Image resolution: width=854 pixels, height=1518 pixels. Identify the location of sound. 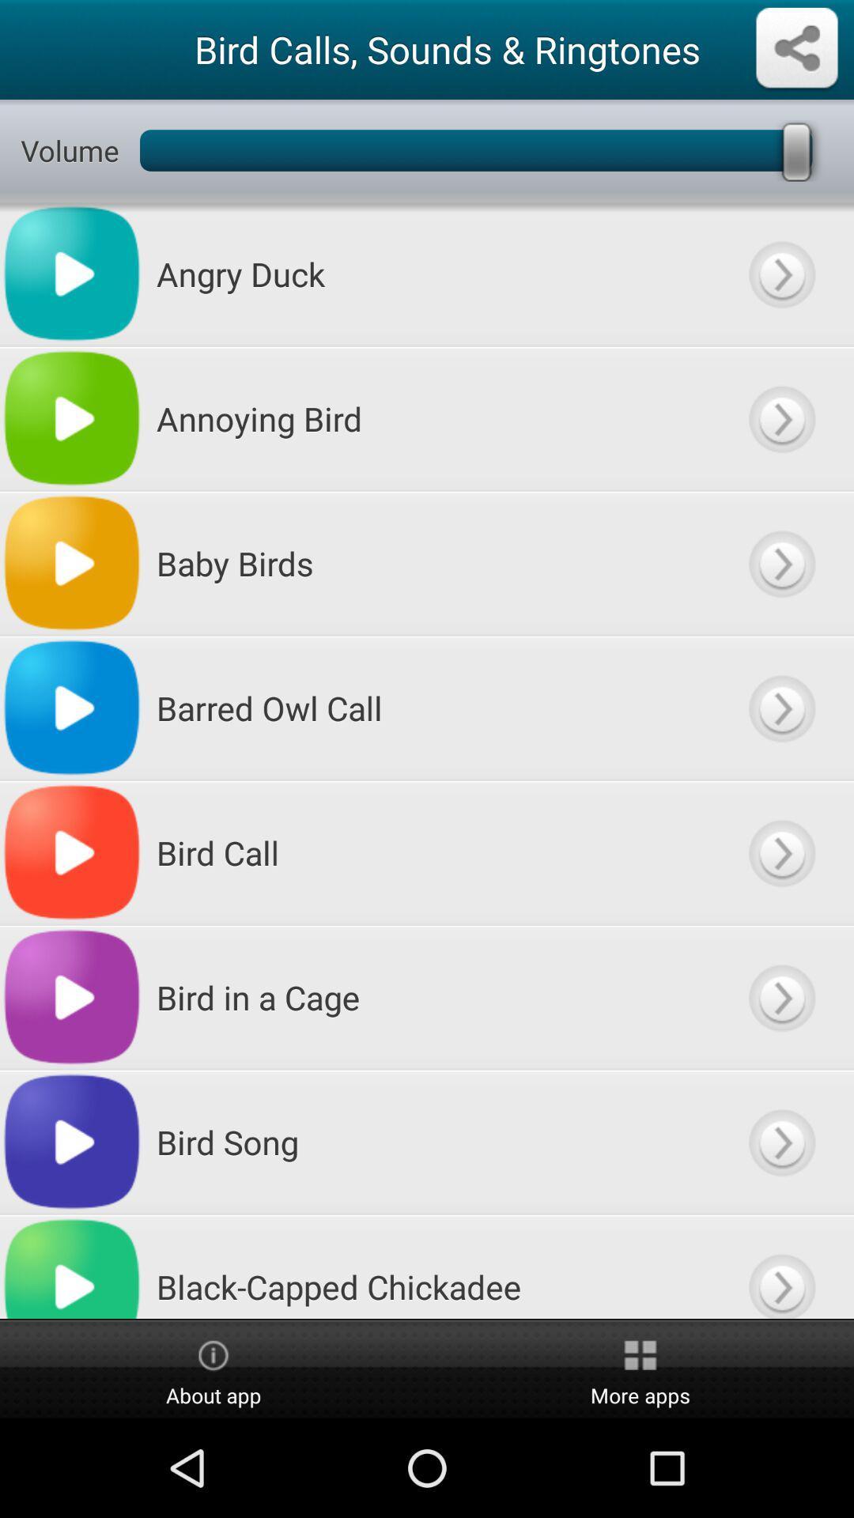
(780, 852).